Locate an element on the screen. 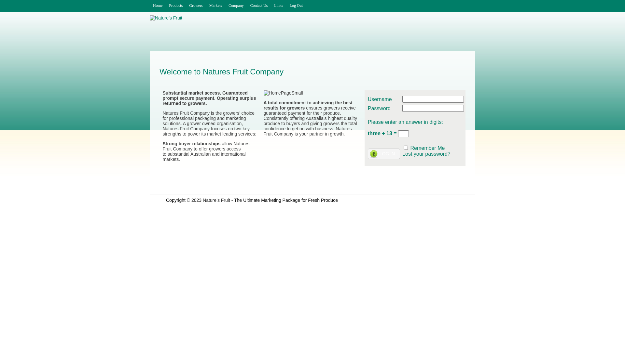  'Lost your password?' is located at coordinates (426, 154).